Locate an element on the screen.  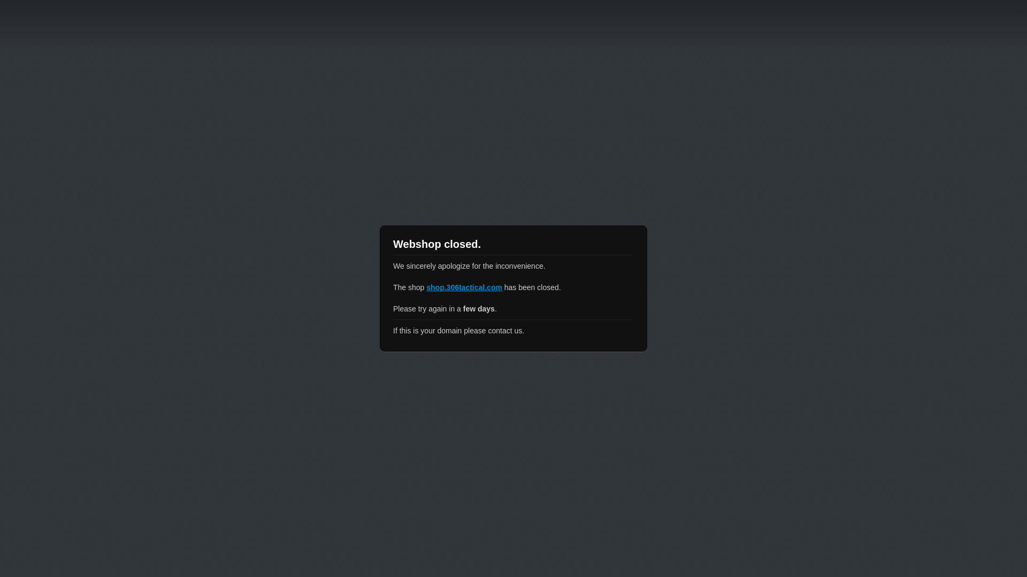
'shop.306tactical.com' is located at coordinates (464, 286).